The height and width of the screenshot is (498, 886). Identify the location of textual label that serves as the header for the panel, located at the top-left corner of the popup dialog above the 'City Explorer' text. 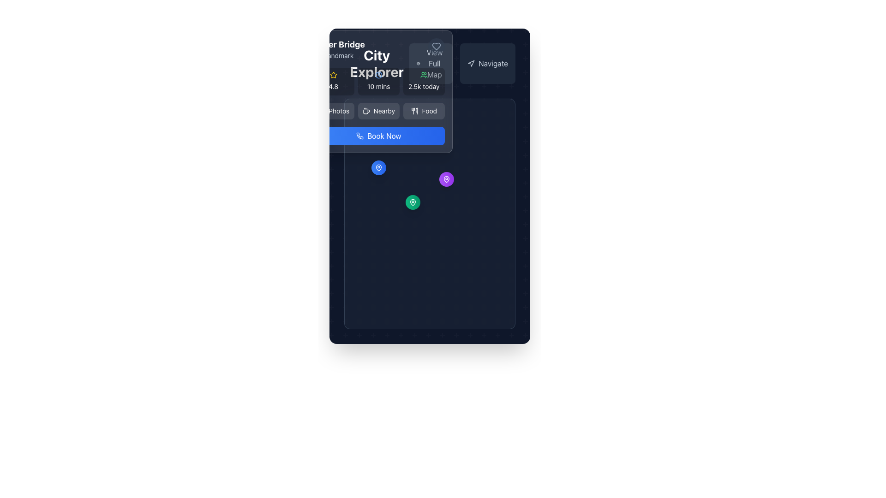
(378, 49).